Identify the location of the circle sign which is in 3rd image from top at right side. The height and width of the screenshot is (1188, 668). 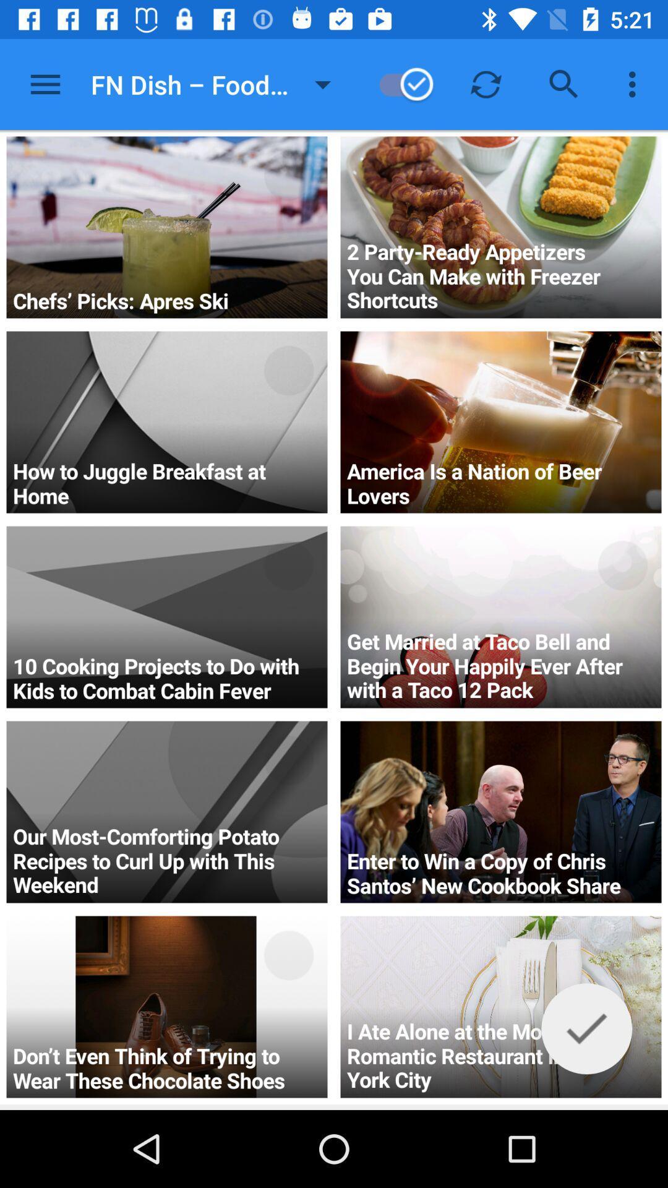
(622, 564).